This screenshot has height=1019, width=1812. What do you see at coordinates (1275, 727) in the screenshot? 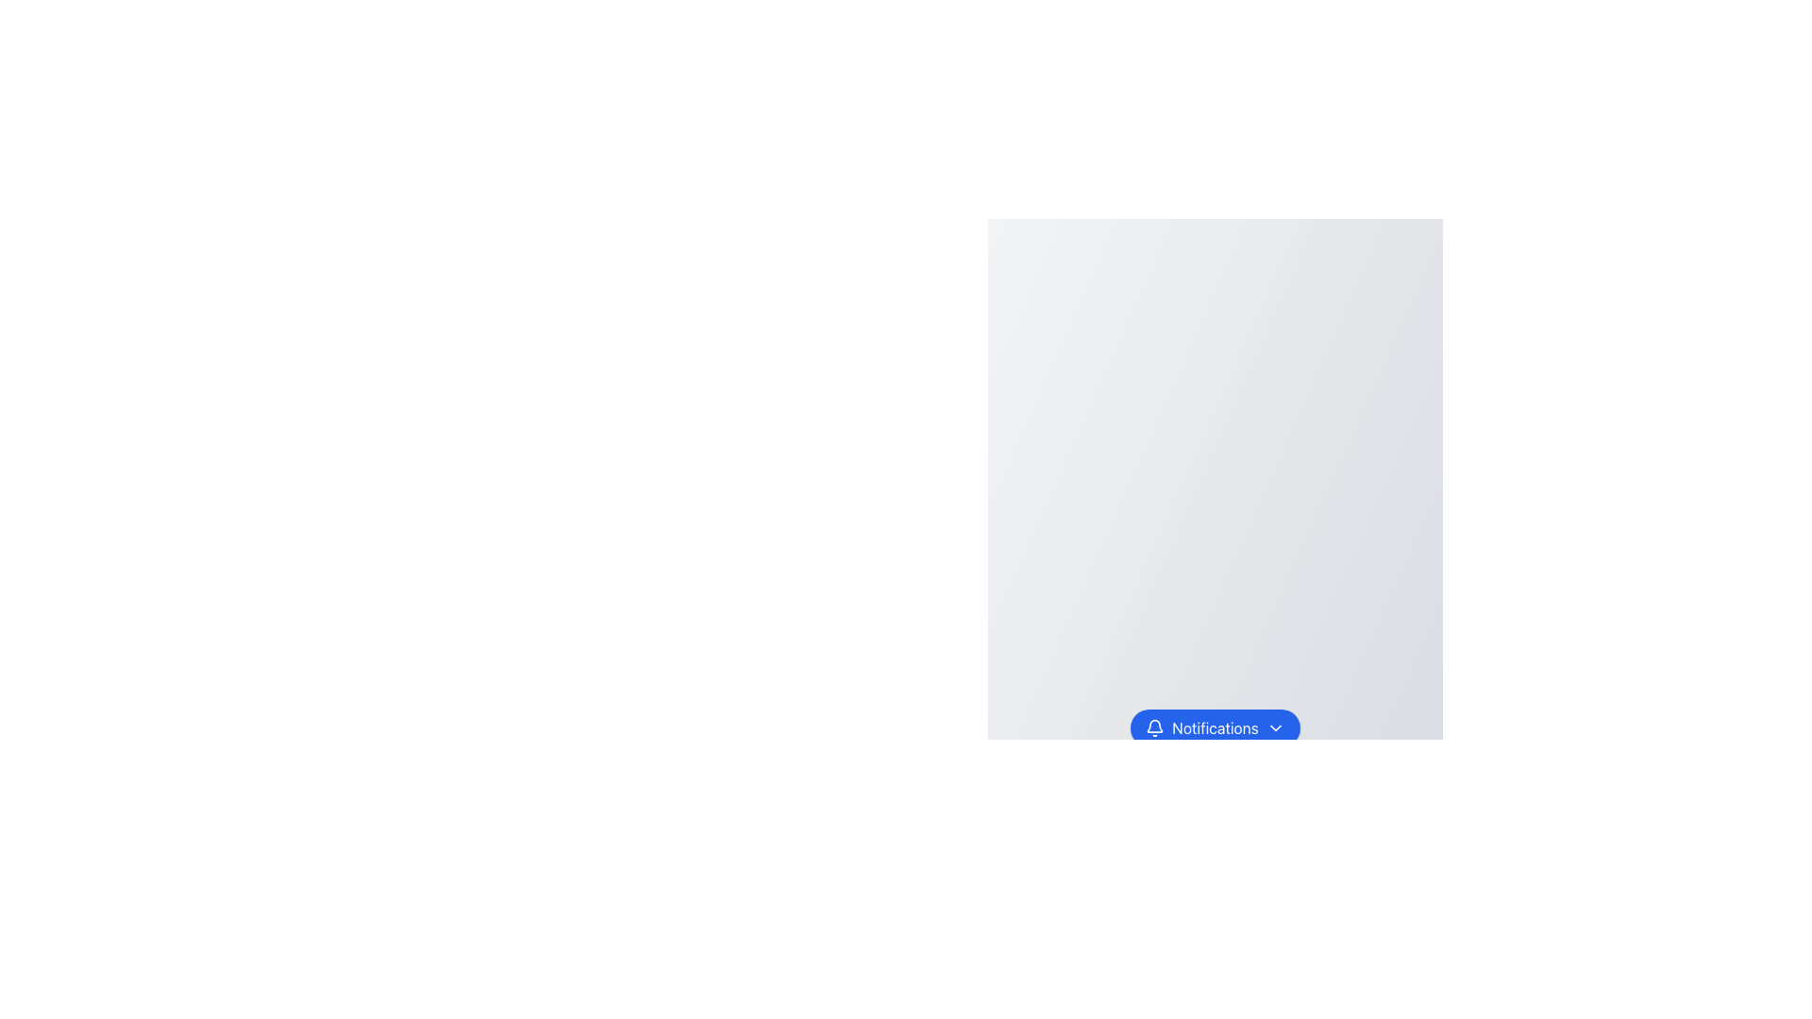
I see `the chevron icon adjacent to the Notifications button` at bounding box center [1275, 727].